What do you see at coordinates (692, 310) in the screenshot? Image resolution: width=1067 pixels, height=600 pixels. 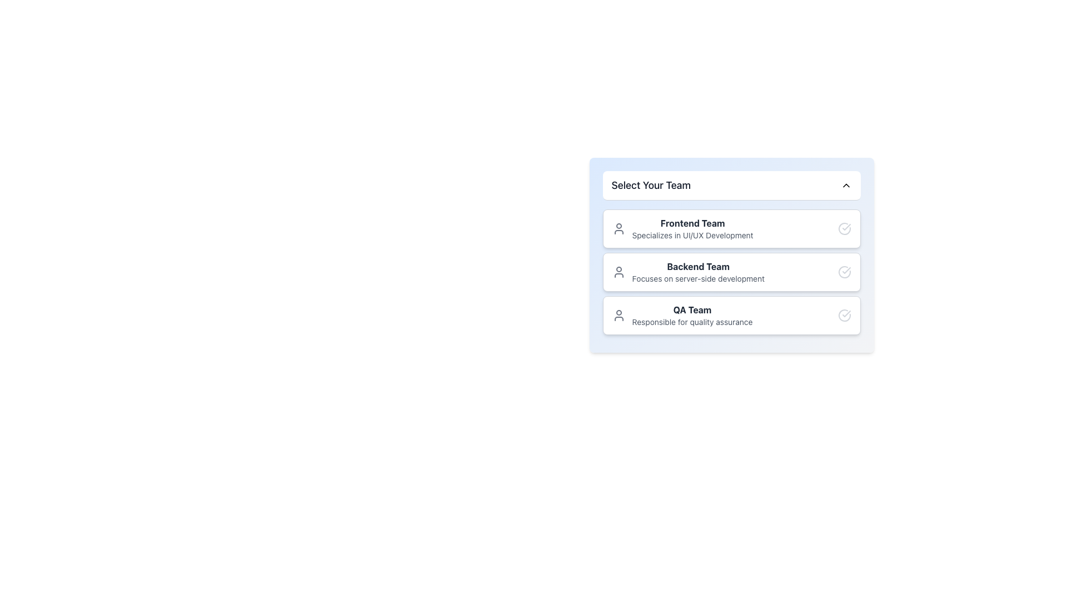 I see `the text label identifying the QA Team, which is prominently displayed as the header text within the third card in a vertical list of team representations` at bounding box center [692, 310].